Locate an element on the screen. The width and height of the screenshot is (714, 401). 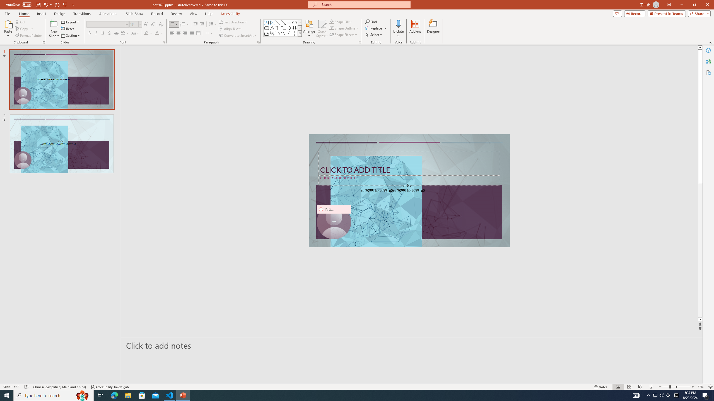
'Change Case' is located at coordinates (135, 33).